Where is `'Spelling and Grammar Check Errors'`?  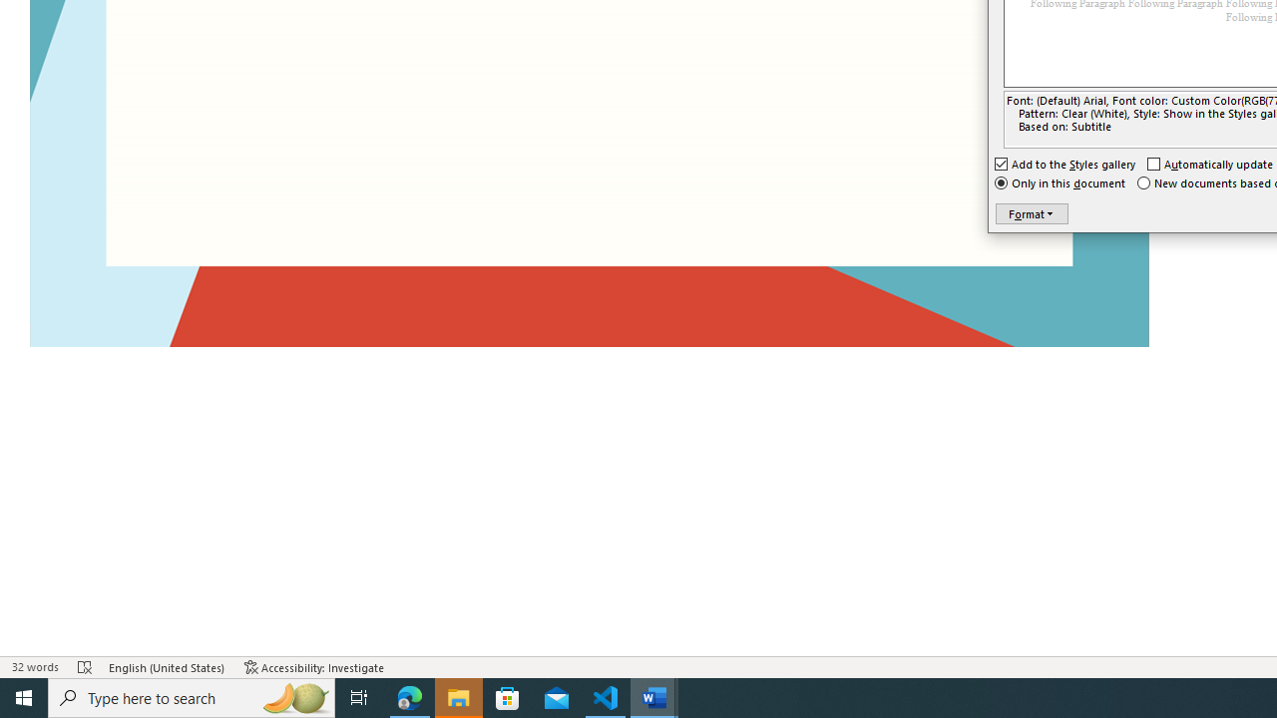
'Spelling and Grammar Check Errors' is located at coordinates (85, 667).